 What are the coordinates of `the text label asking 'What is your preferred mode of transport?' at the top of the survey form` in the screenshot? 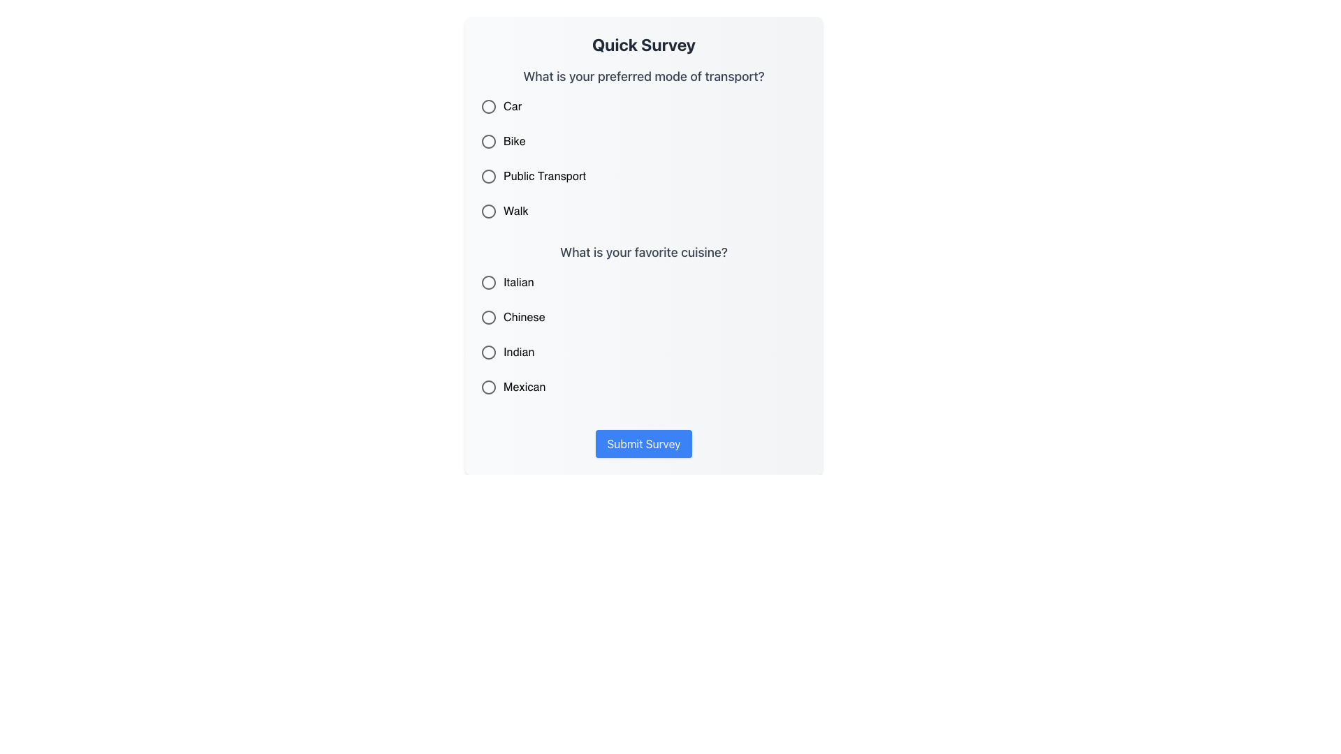 It's located at (643, 77).